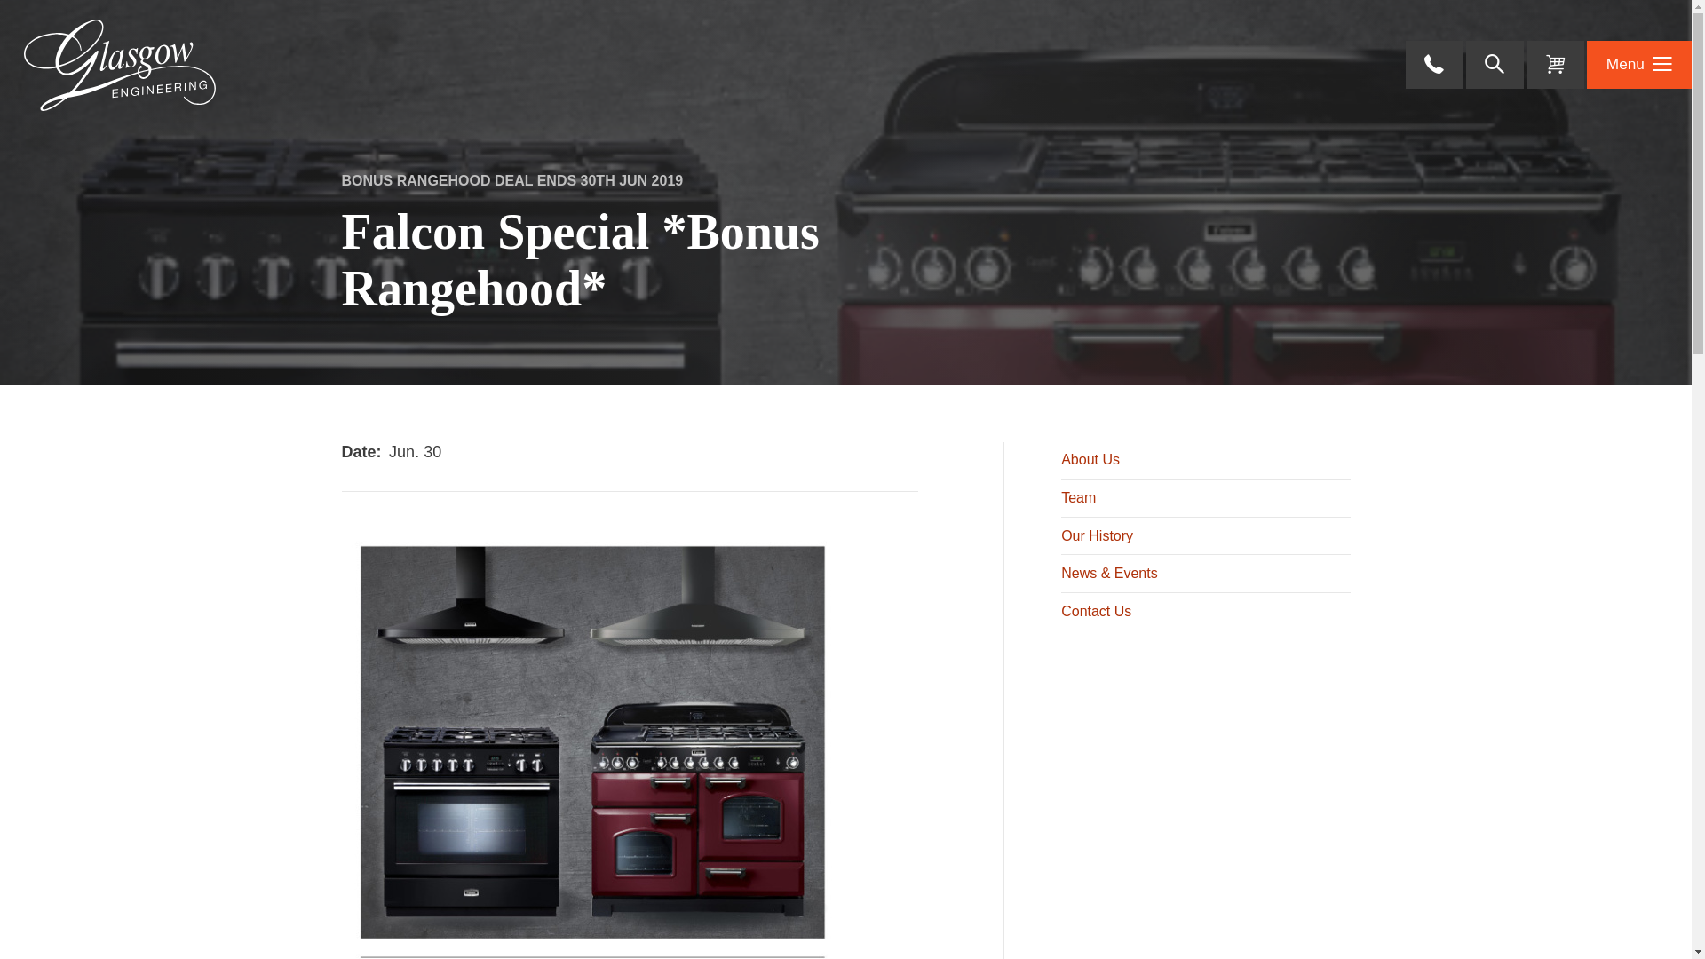  Describe the element at coordinates (1061, 535) in the screenshot. I see `'Our History'` at that location.